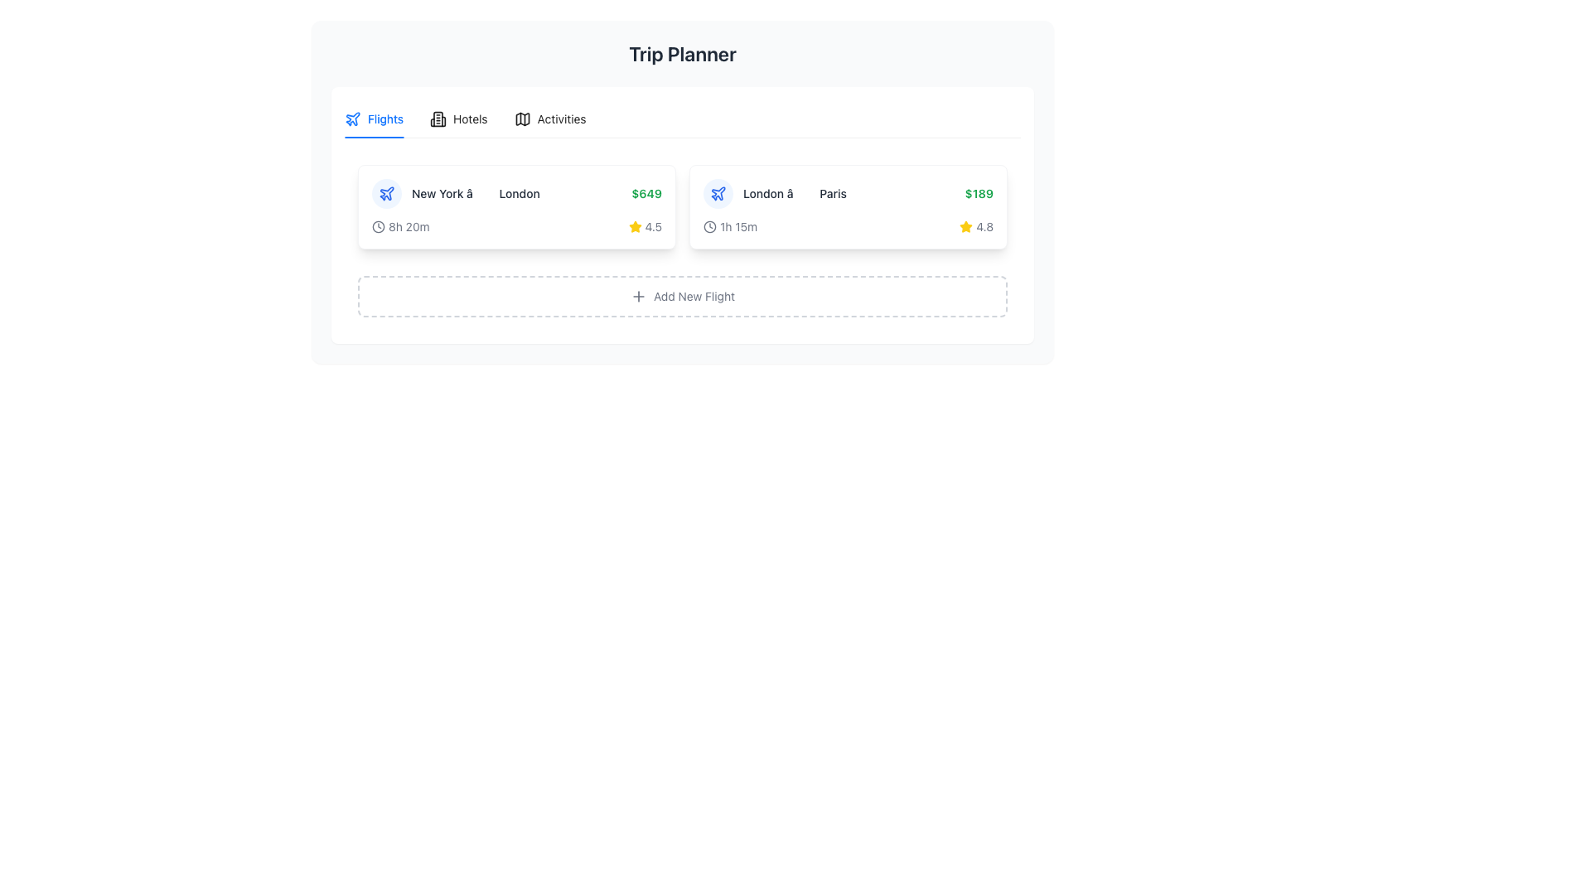 This screenshot has width=1591, height=895. Describe the element at coordinates (456, 193) in the screenshot. I see `the text label displaying the flight route 'New York → London', which is positioned in a card layout next to a flight price and above the flight duration` at that location.